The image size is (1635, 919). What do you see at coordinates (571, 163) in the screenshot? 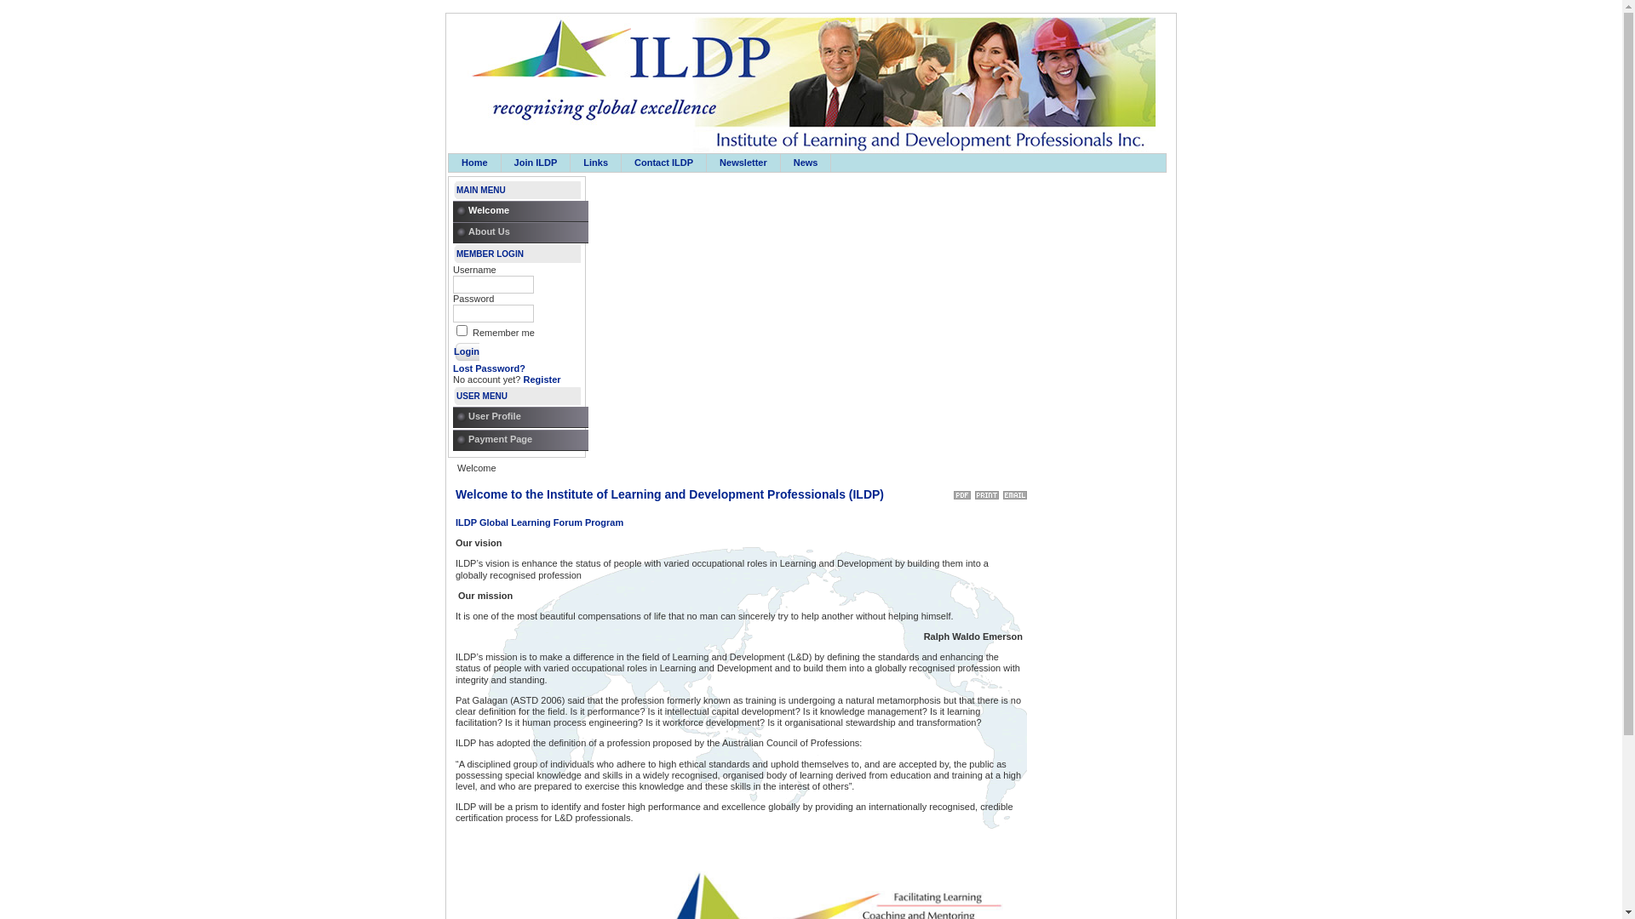
I see `'Links'` at bounding box center [571, 163].